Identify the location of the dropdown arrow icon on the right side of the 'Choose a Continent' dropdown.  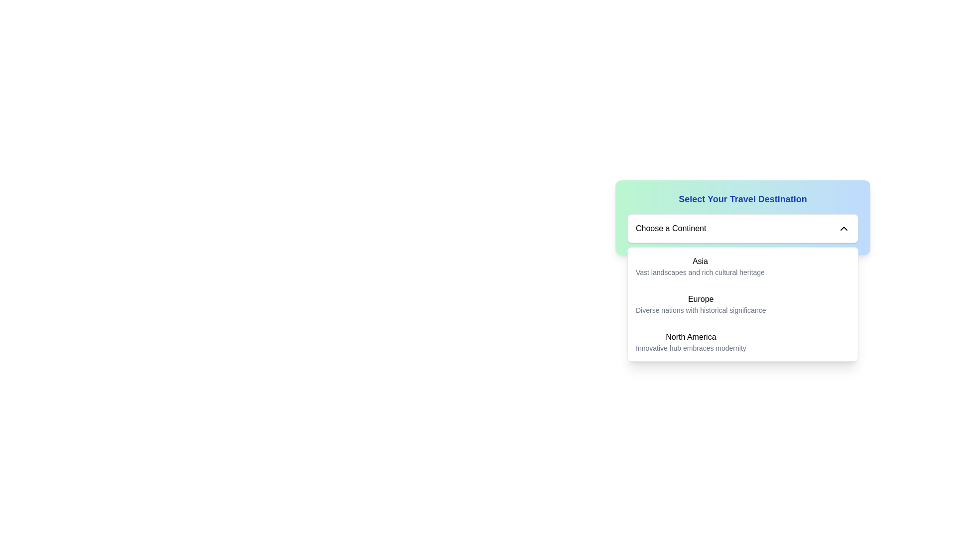
(843, 229).